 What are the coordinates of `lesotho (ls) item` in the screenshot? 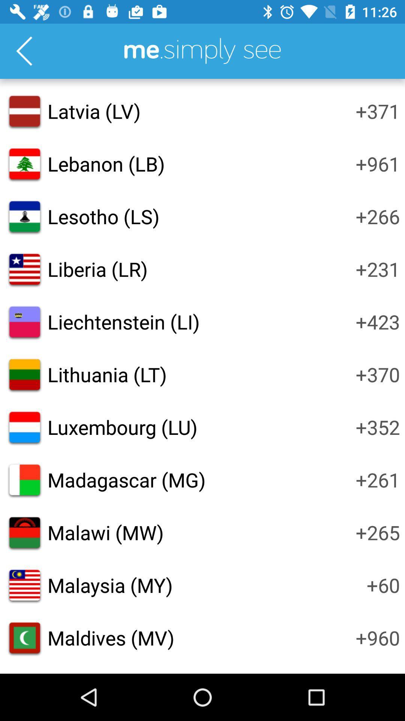 It's located at (103, 216).